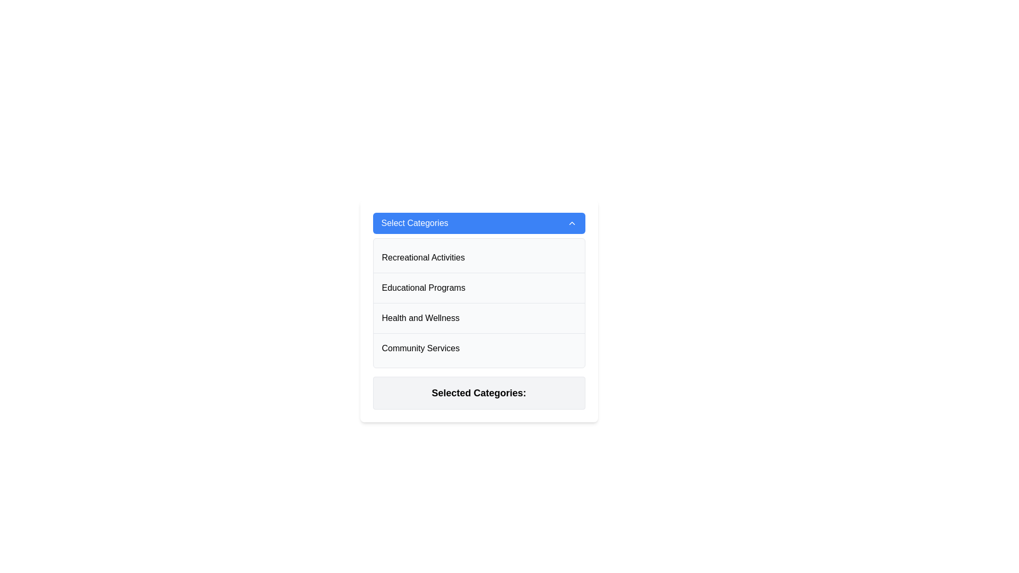  Describe the element at coordinates (571, 222) in the screenshot. I see `the toggle icon on the far right side of the blue 'Select Categories' header` at that location.